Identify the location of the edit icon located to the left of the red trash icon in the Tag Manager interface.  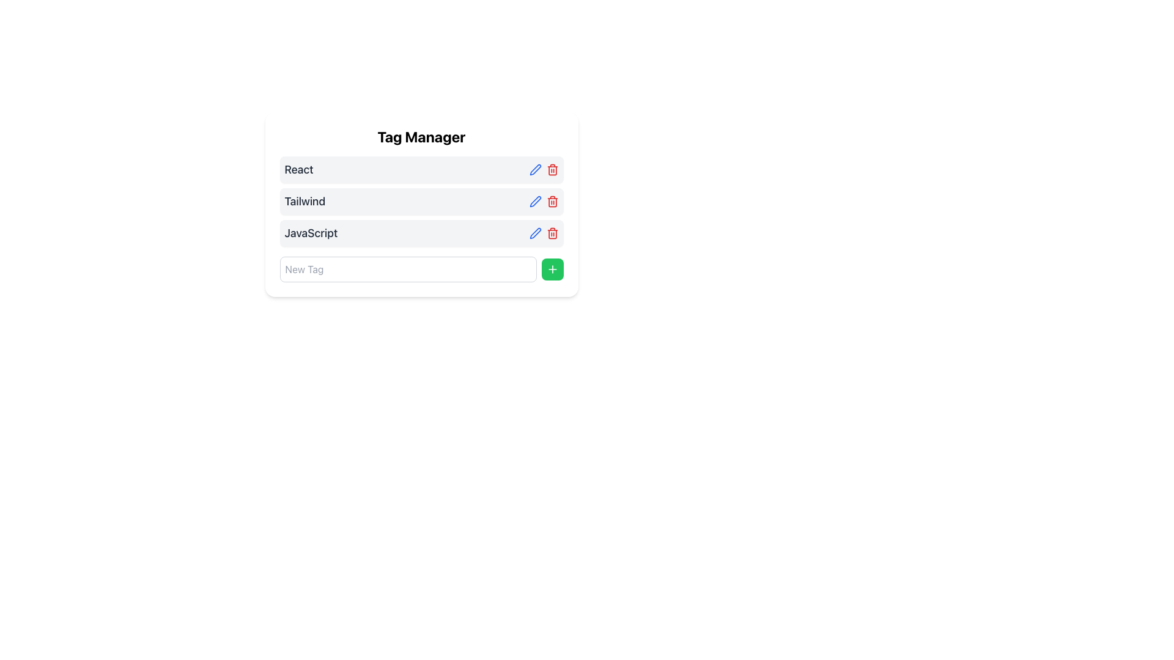
(535, 201).